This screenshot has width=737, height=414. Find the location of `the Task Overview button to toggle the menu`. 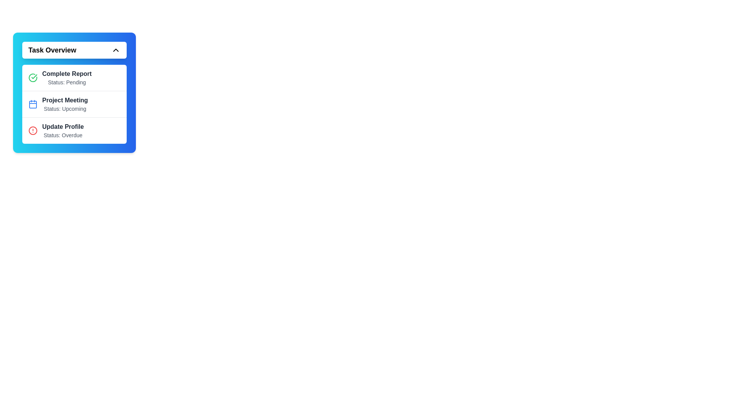

the Task Overview button to toggle the menu is located at coordinates (74, 50).